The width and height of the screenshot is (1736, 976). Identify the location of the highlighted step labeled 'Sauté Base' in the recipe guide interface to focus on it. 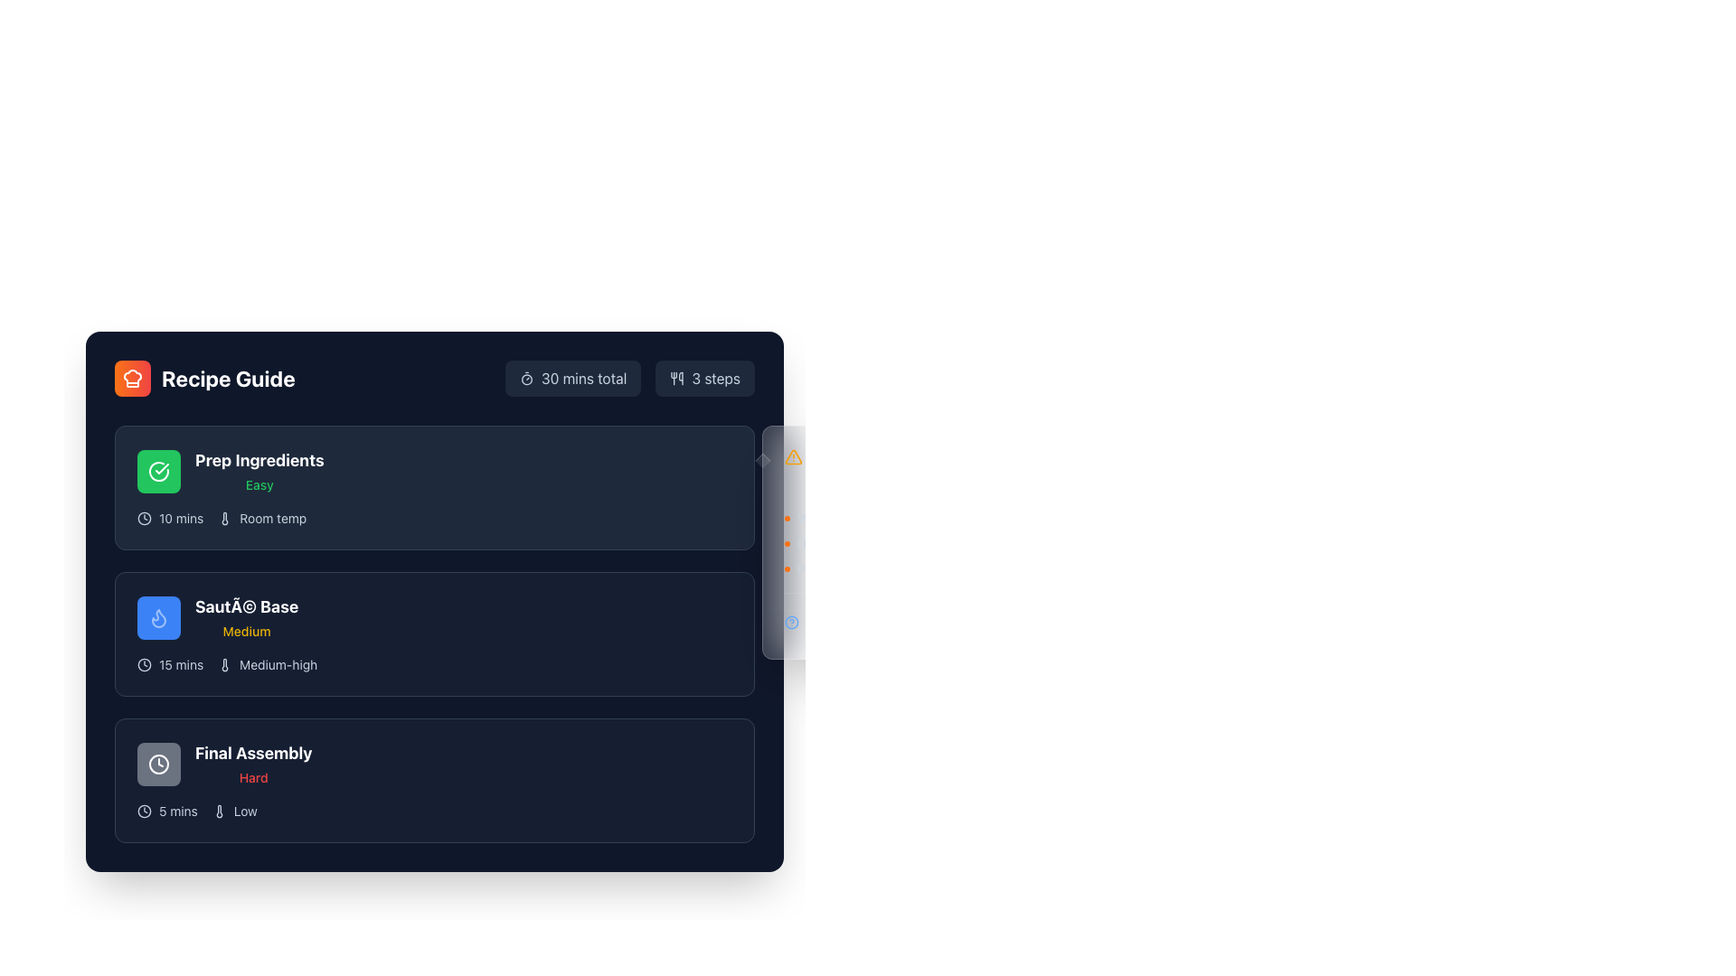
(434, 633).